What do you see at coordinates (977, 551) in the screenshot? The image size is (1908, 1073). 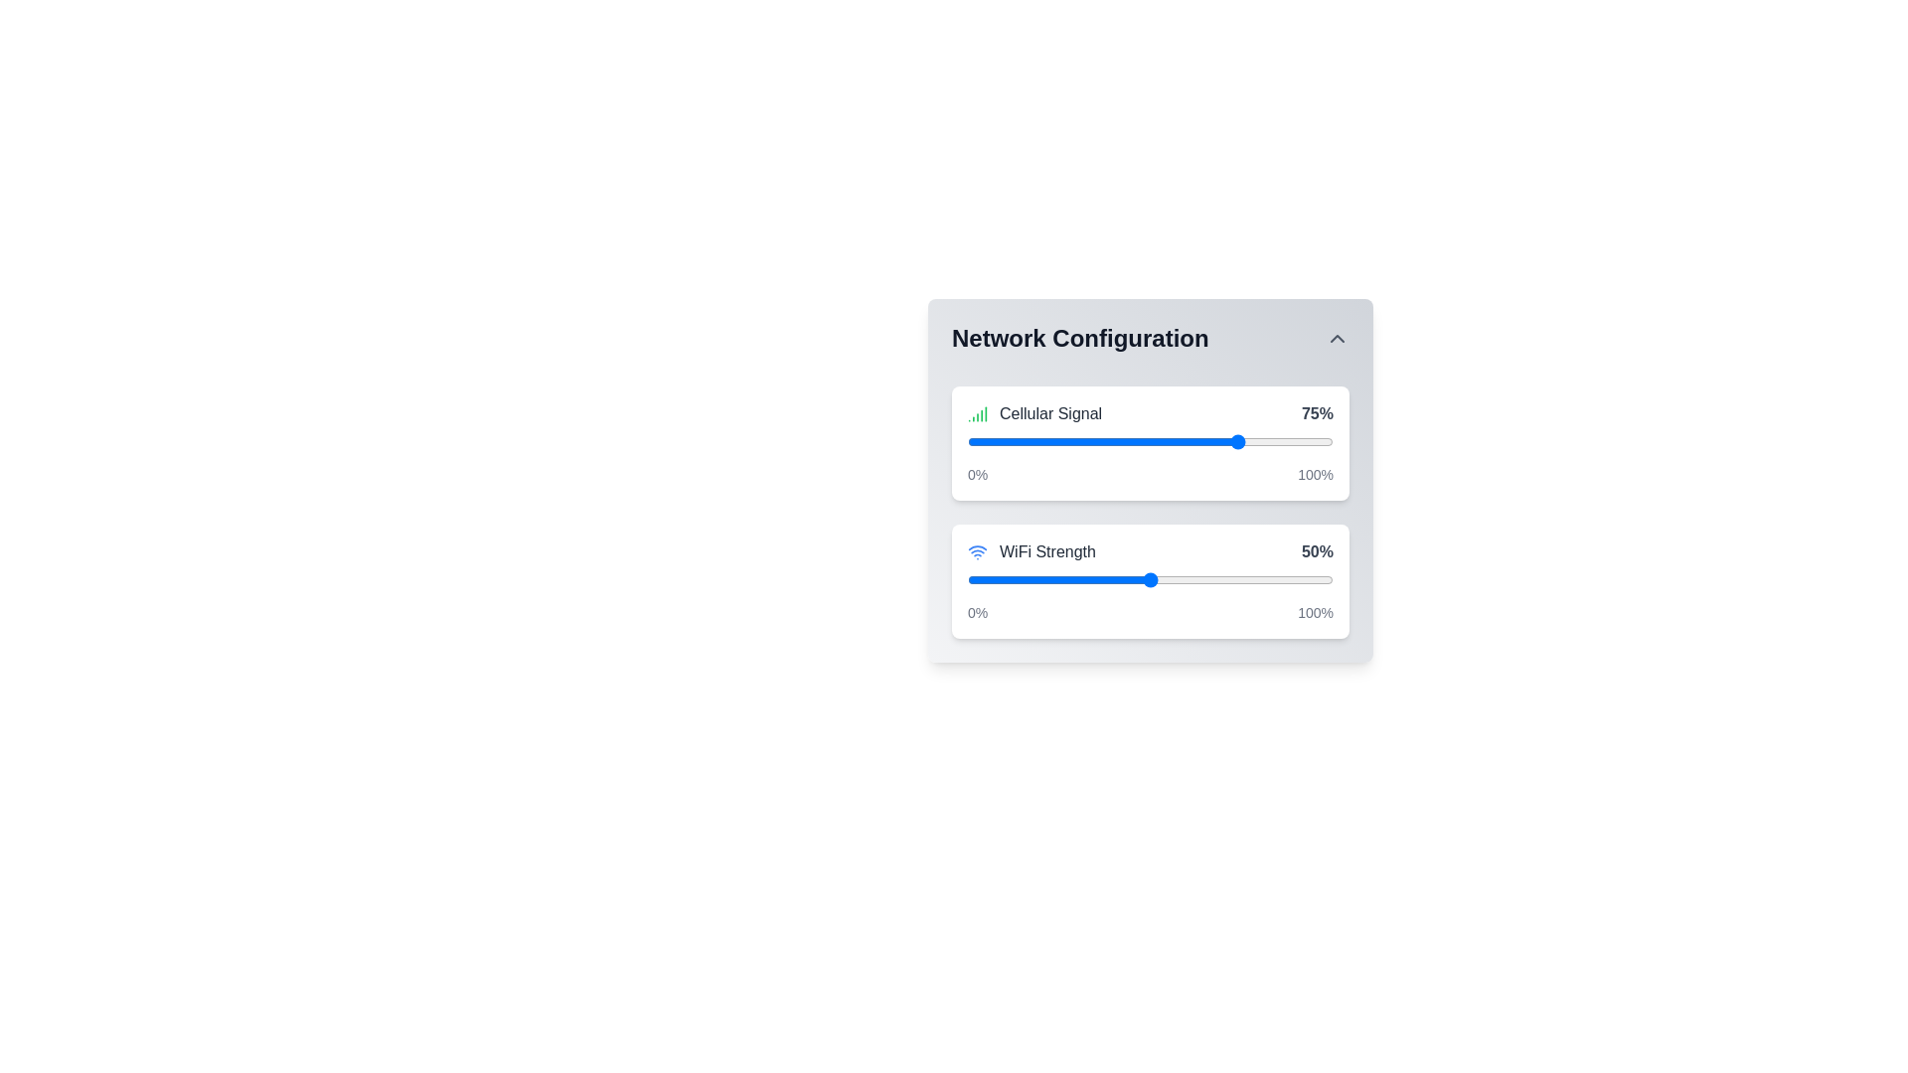 I see `the WiFi signal icon, which is blue and represents signal waves, located to the left of the 'WiFi Strength' label in the network configuration section` at bounding box center [977, 551].